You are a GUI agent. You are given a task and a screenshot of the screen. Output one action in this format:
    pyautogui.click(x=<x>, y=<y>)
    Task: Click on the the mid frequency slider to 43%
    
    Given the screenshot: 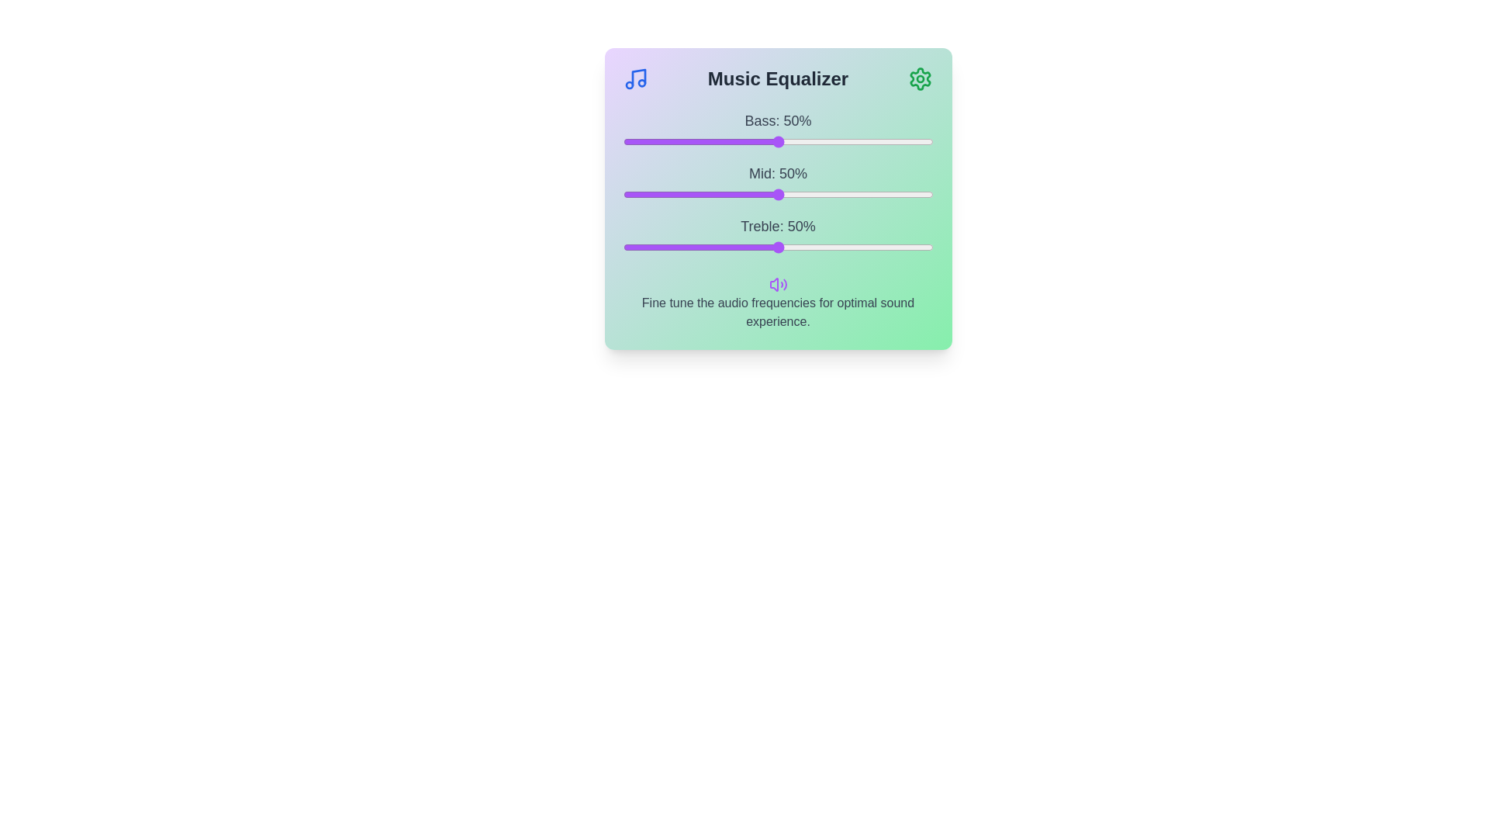 What is the action you would take?
    pyautogui.click(x=756, y=193)
    